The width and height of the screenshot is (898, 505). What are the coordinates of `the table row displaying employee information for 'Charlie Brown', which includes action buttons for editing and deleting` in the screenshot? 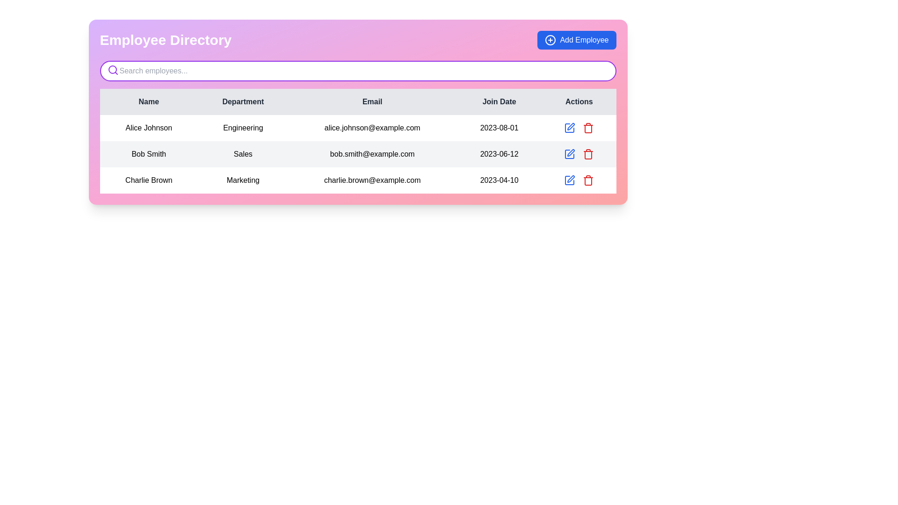 It's located at (357, 180).